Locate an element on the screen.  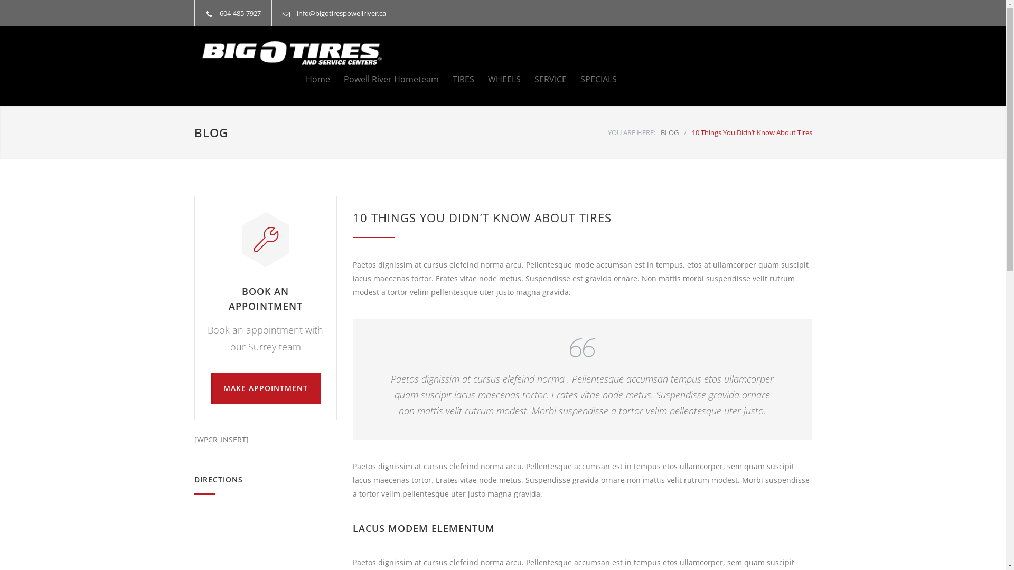
'TIRES' is located at coordinates (456, 79).